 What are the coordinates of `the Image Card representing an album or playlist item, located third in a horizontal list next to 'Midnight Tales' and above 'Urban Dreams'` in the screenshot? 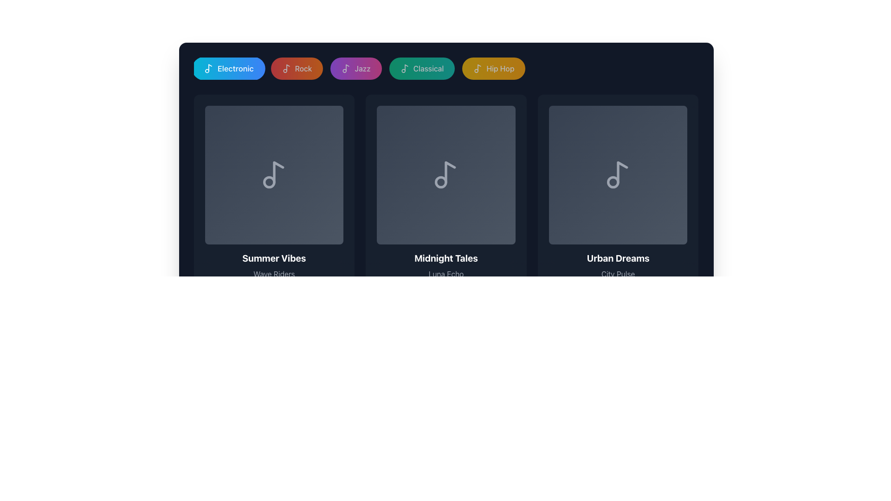 It's located at (618, 175).